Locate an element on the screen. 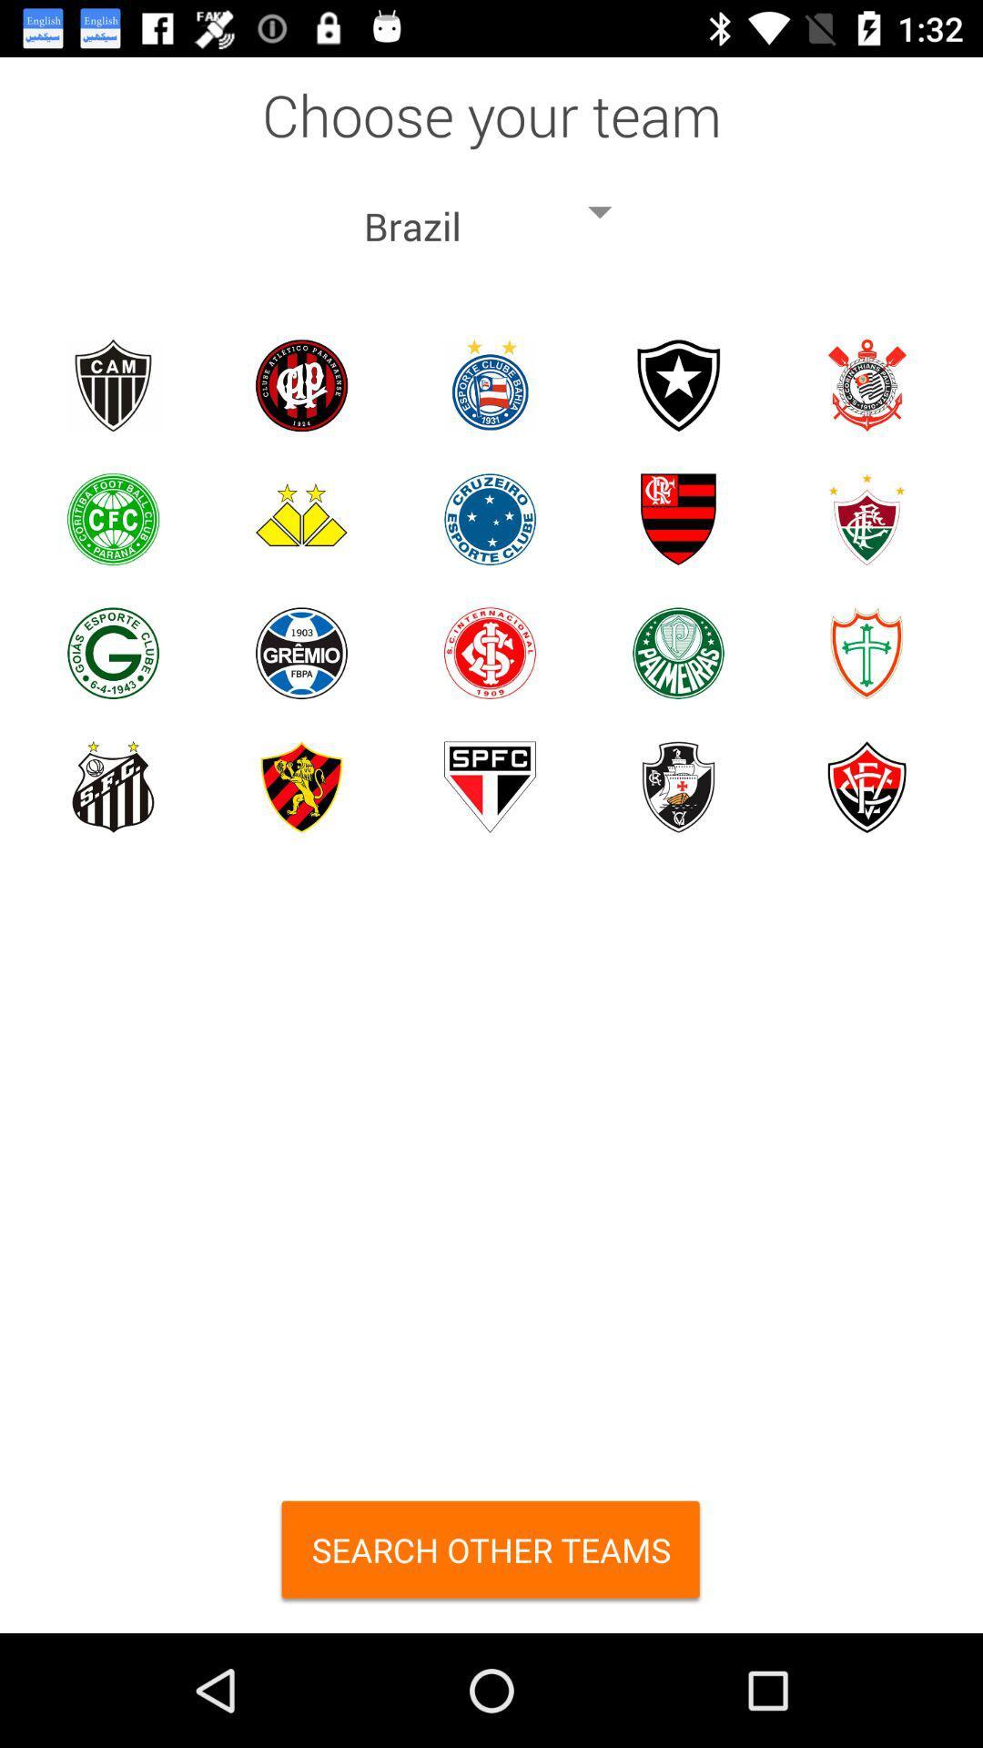 Image resolution: width=983 pixels, height=1748 pixels. choose team is located at coordinates (113, 518).